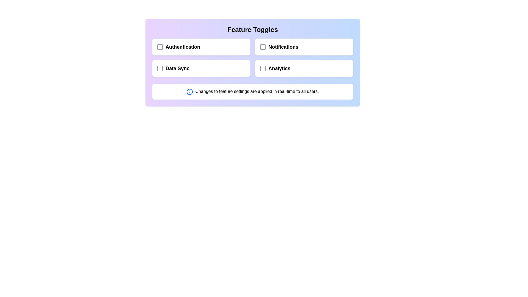 The image size is (528, 297). What do you see at coordinates (262, 46) in the screenshot?
I see `the unselected checkbox located in the upper right section of the 'Notifications' button` at bounding box center [262, 46].